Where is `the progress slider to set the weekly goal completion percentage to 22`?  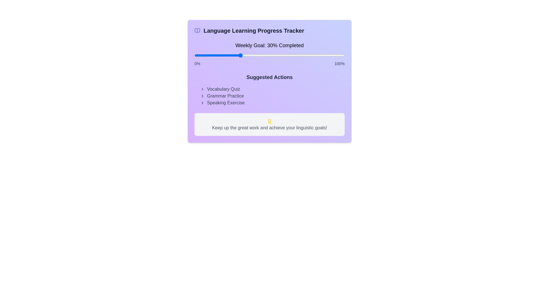 the progress slider to set the weekly goal completion percentage to 22 is located at coordinates (227, 55).